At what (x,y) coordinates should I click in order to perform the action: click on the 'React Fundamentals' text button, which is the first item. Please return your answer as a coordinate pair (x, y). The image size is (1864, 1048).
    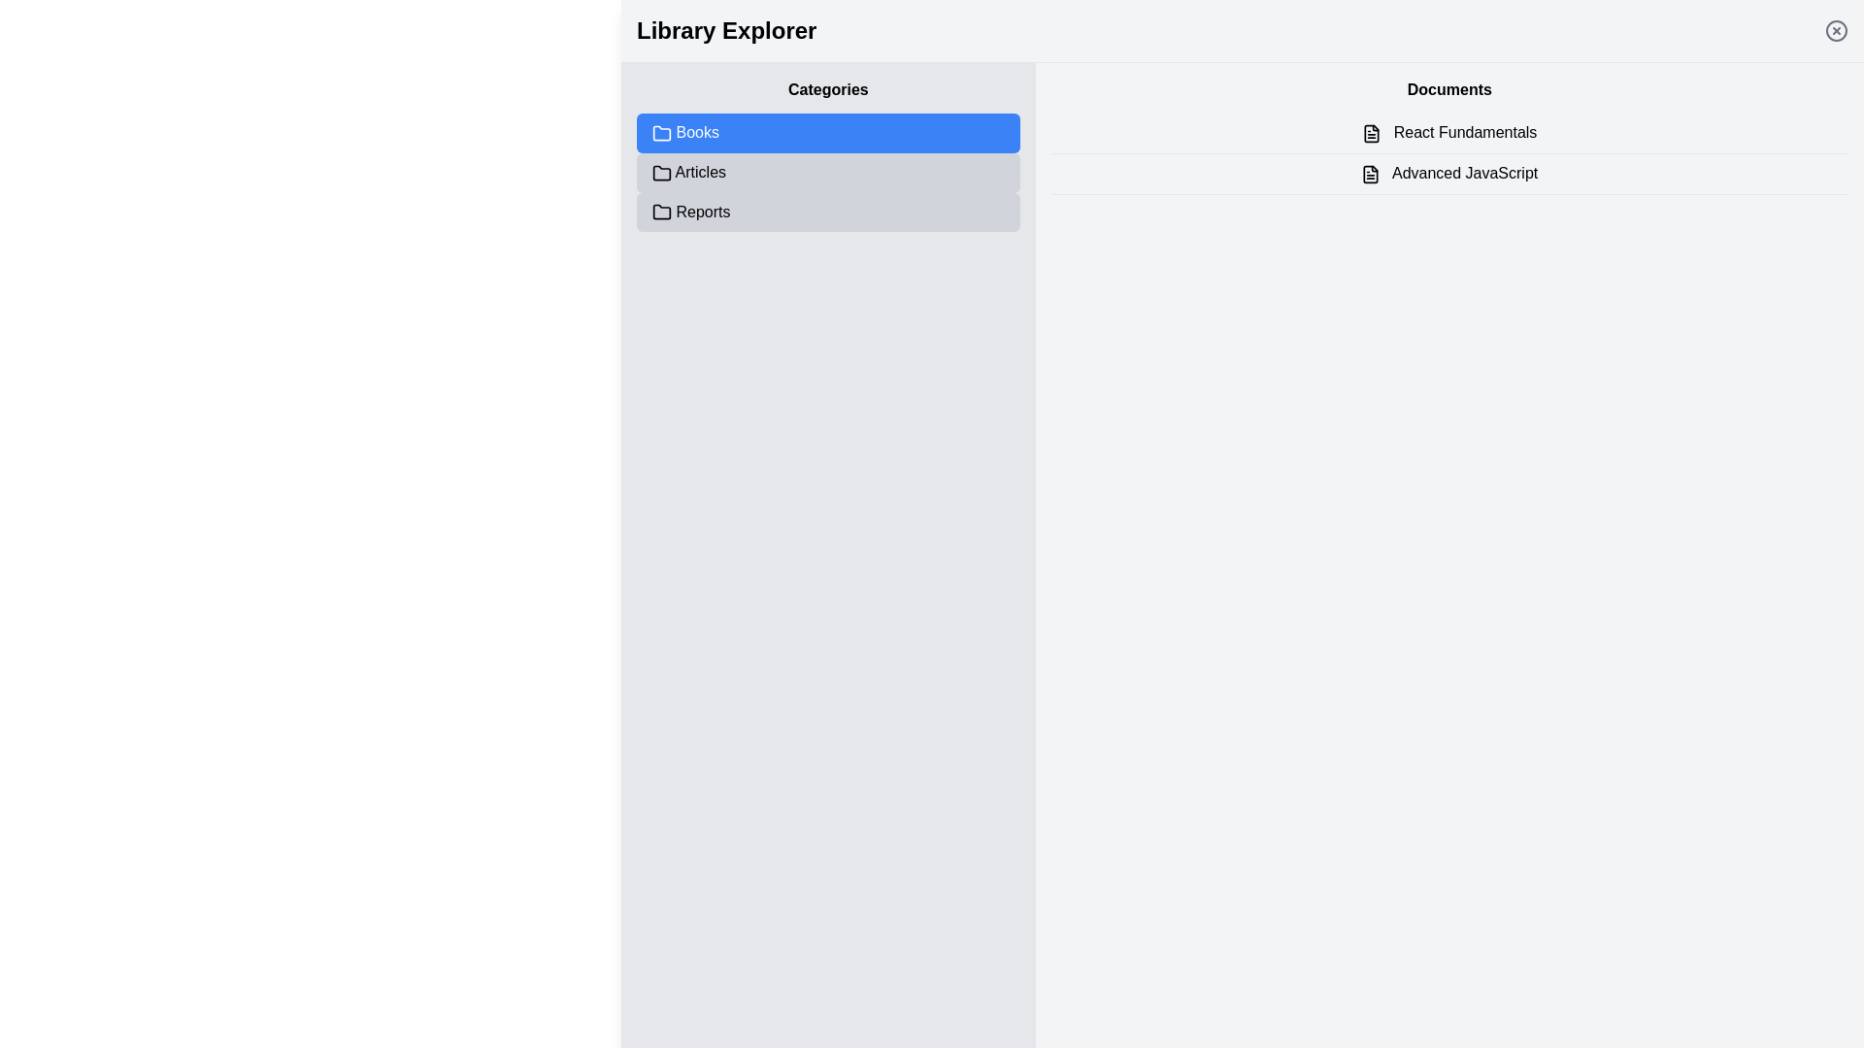
    Looking at the image, I should click on (1449, 132).